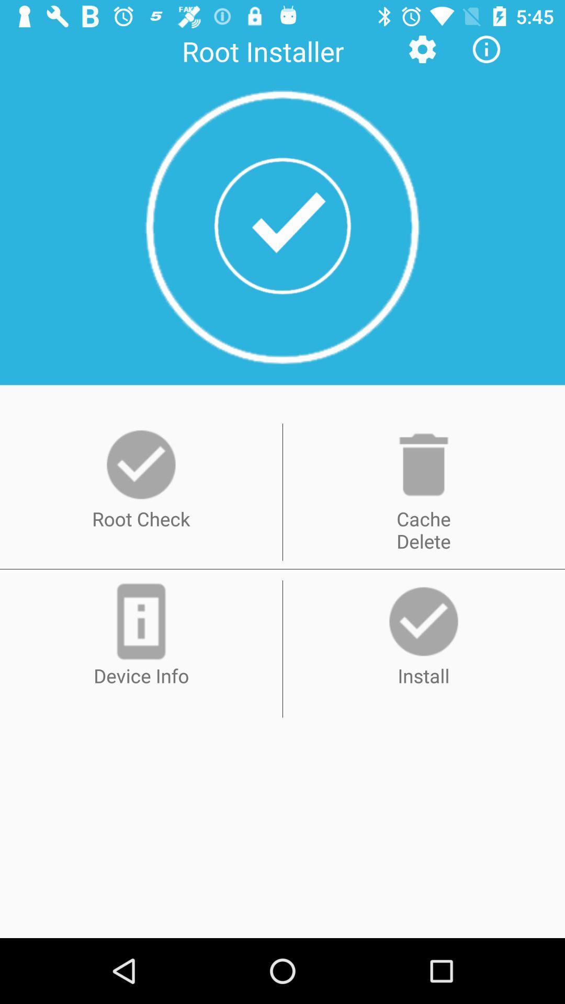  What do you see at coordinates (282, 225) in the screenshot?
I see `the image below root installer` at bounding box center [282, 225].